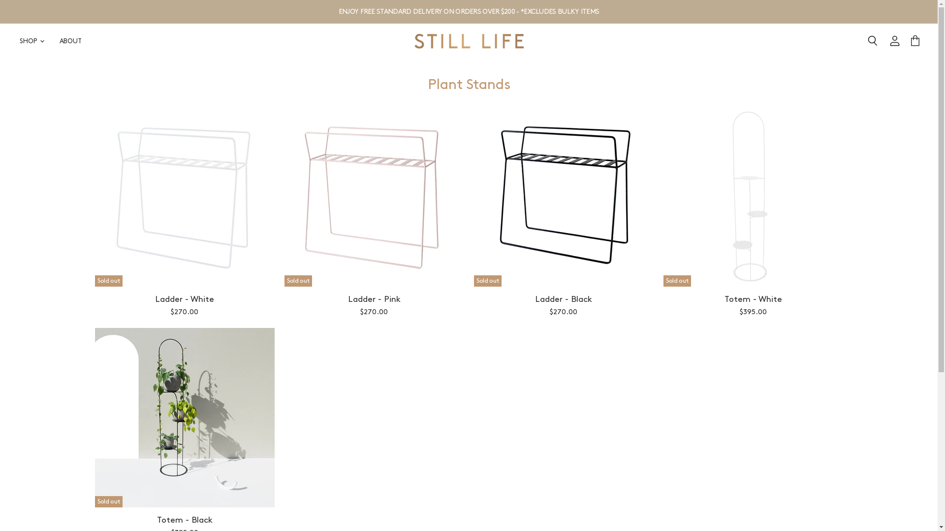 Image resolution: width=945 pixels, height=531 pixels. I want to click on 'View cart', so click(905, 41).